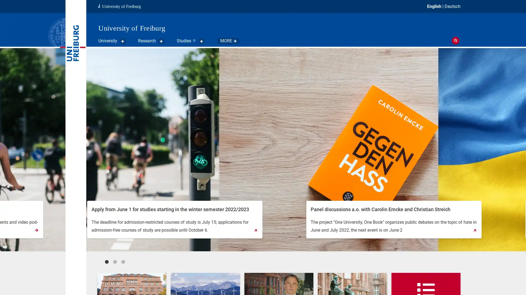 Image resolution: width=526 pixels, height=295 pixels. What do you see at coordinates (122, 41) in the screenshot?
I see `Open submenu` at bounding box center [122, 41].